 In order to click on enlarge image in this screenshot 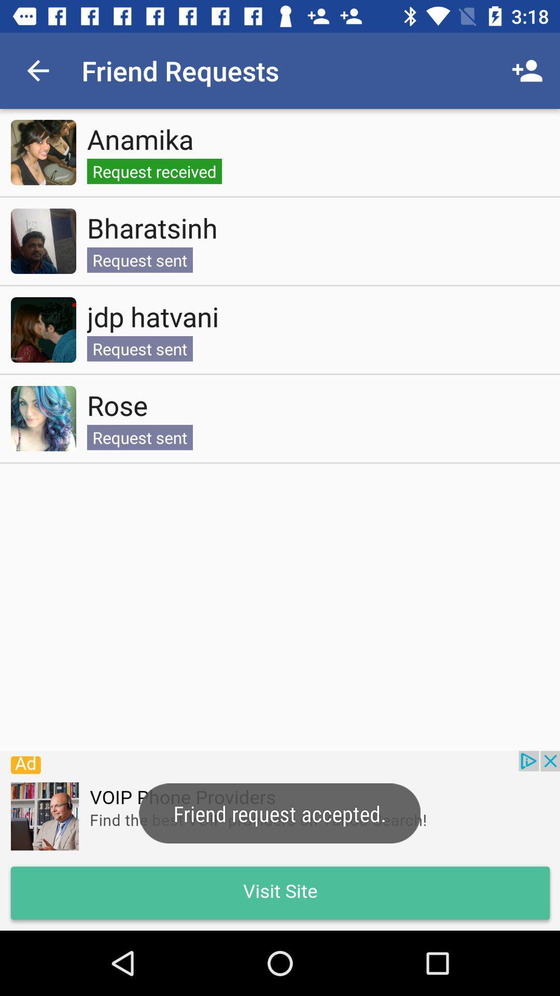, I will do `click(43, 151)`.